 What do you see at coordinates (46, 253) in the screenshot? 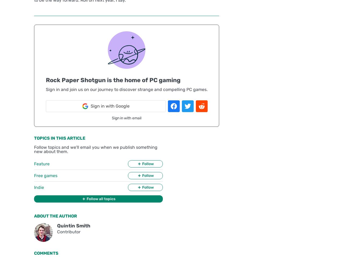
I see `'Comments'` at bounding box center [46, 253].